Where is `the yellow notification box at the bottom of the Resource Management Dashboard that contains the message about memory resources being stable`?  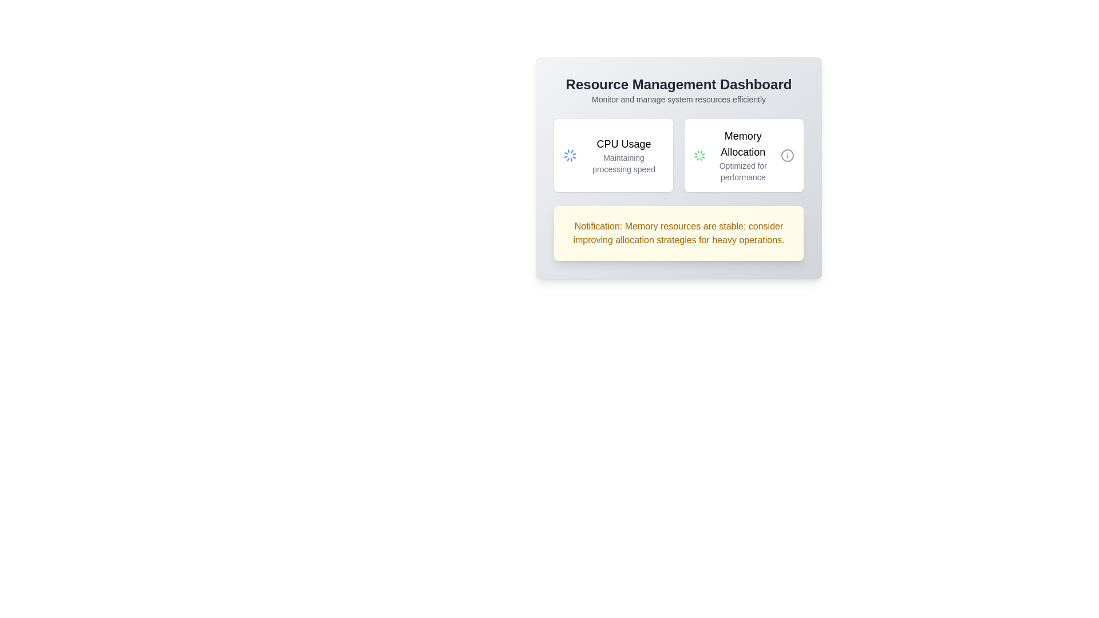 the yellow notification box at the bottom of the Resource Management Dashboard that contains the message about memory resources being stable is located at coordinates (678, 233).